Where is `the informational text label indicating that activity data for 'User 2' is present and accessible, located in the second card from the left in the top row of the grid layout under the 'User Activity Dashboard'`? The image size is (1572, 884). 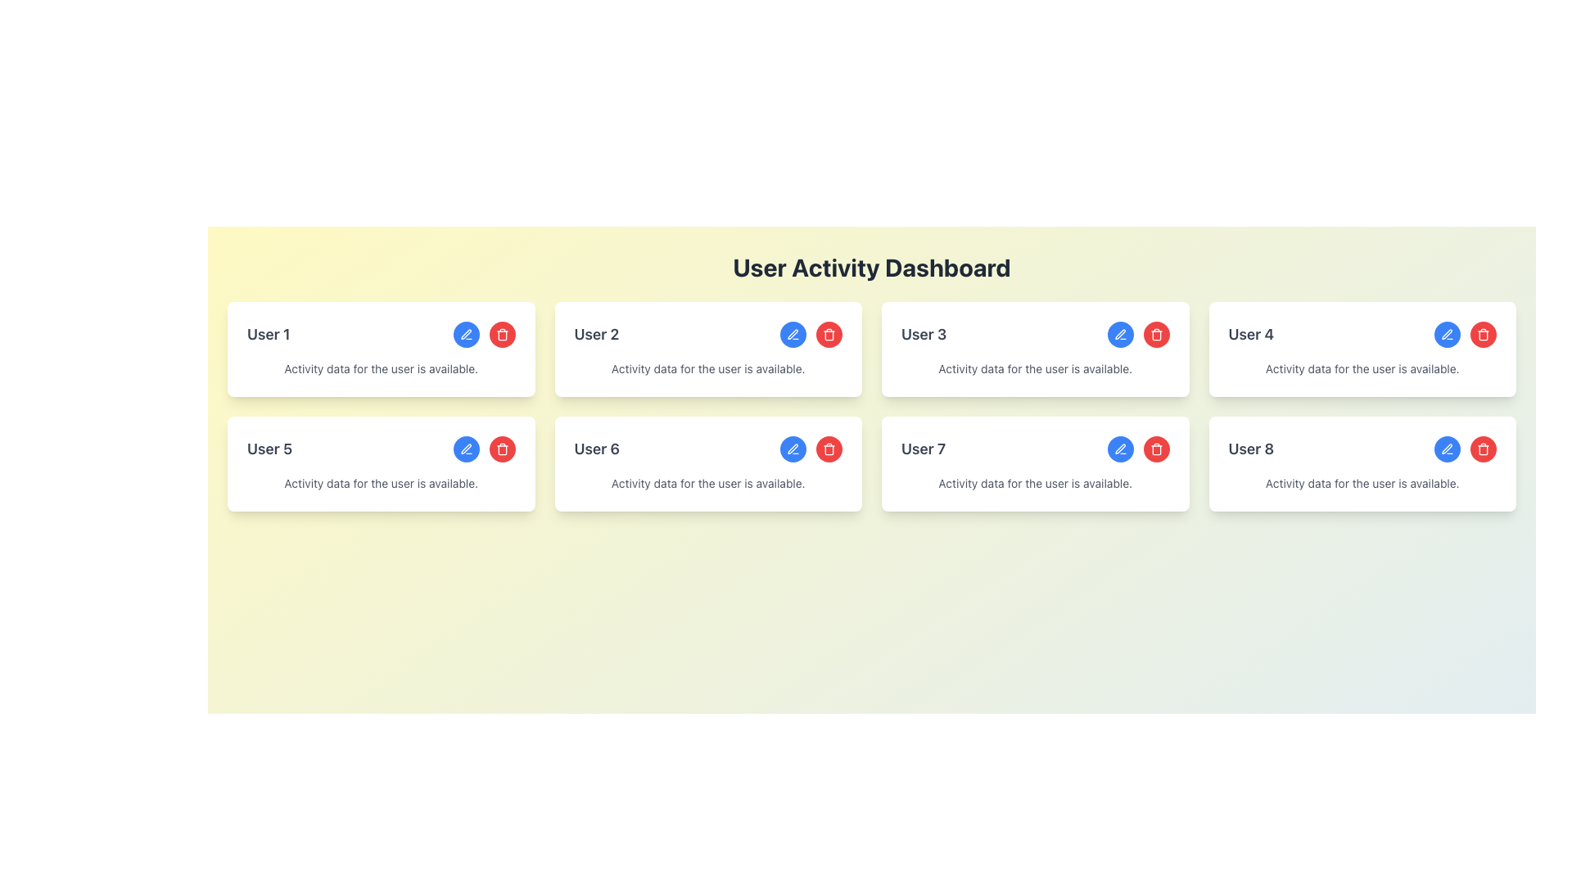 the informational text label indicating that activity data for 'User 2' is present and accessible, located in the second card from the left in the top row of the grid layout under the 'User Activity Dashboard' is located at coordinates (708, 369).